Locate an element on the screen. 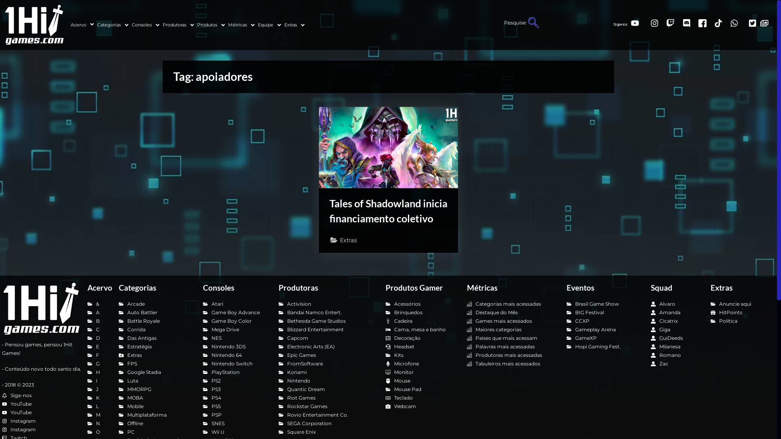 This screenshot has height=439, width=781. 'Battle Royale' is located at coordinates (157, 320).